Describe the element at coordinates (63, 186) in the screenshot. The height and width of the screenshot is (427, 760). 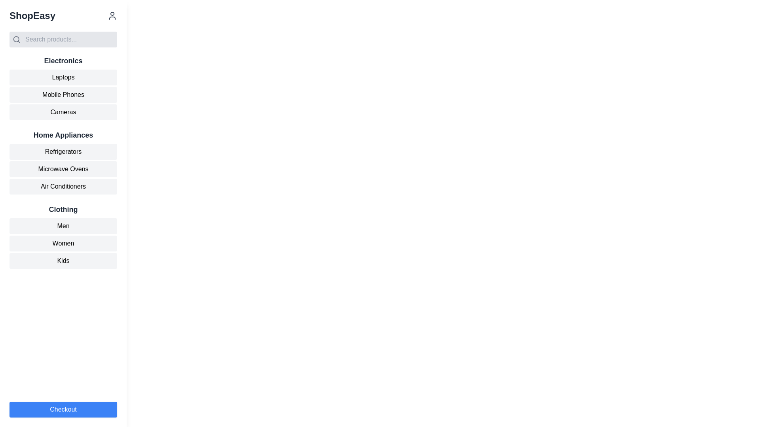
I see `the air conditioner menu item located under the 'Home Appliances' section, which is the third item in a vertical list, to trigger a visual response` at that location.